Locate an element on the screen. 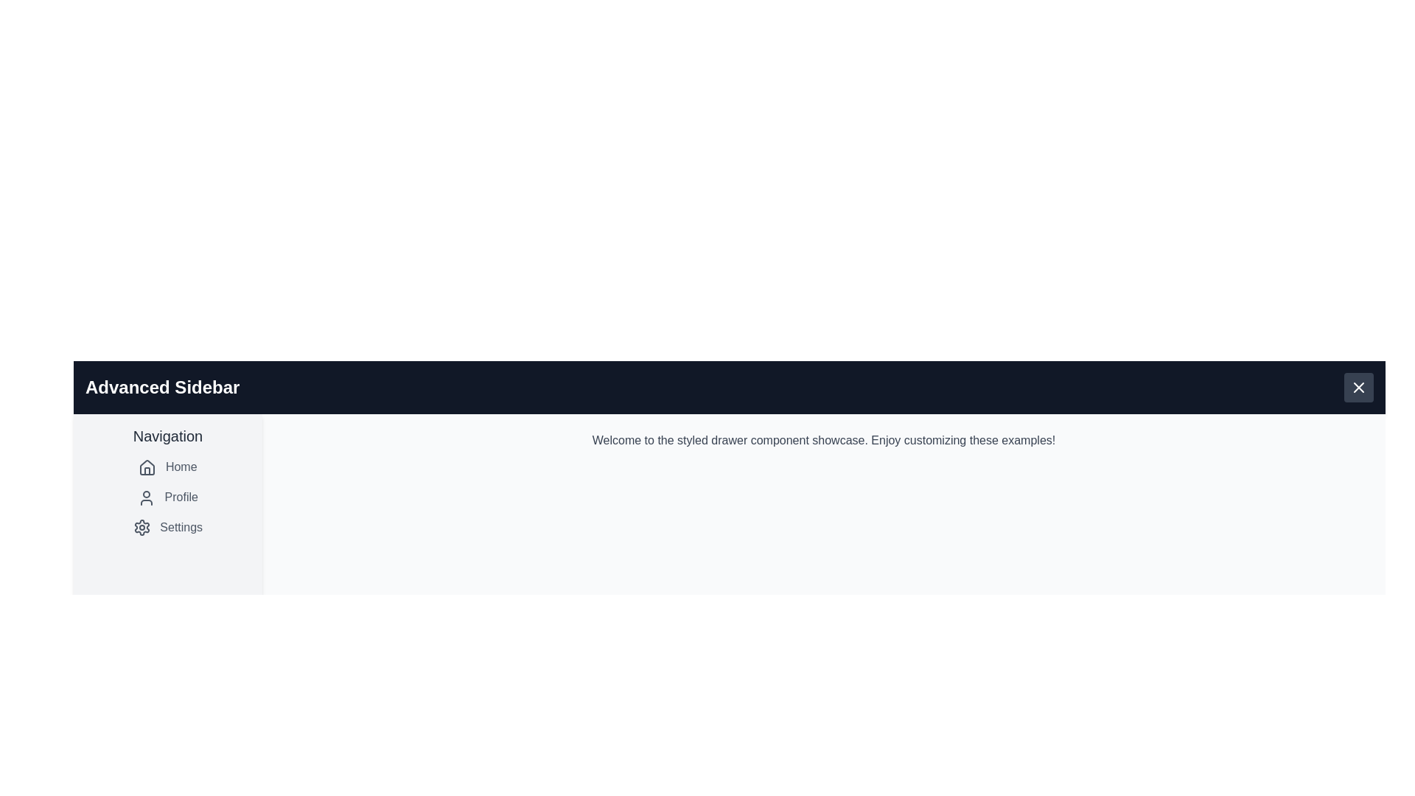  the 'Profile' link in the sidebar navigation menu is located at coordinates (167, 497).